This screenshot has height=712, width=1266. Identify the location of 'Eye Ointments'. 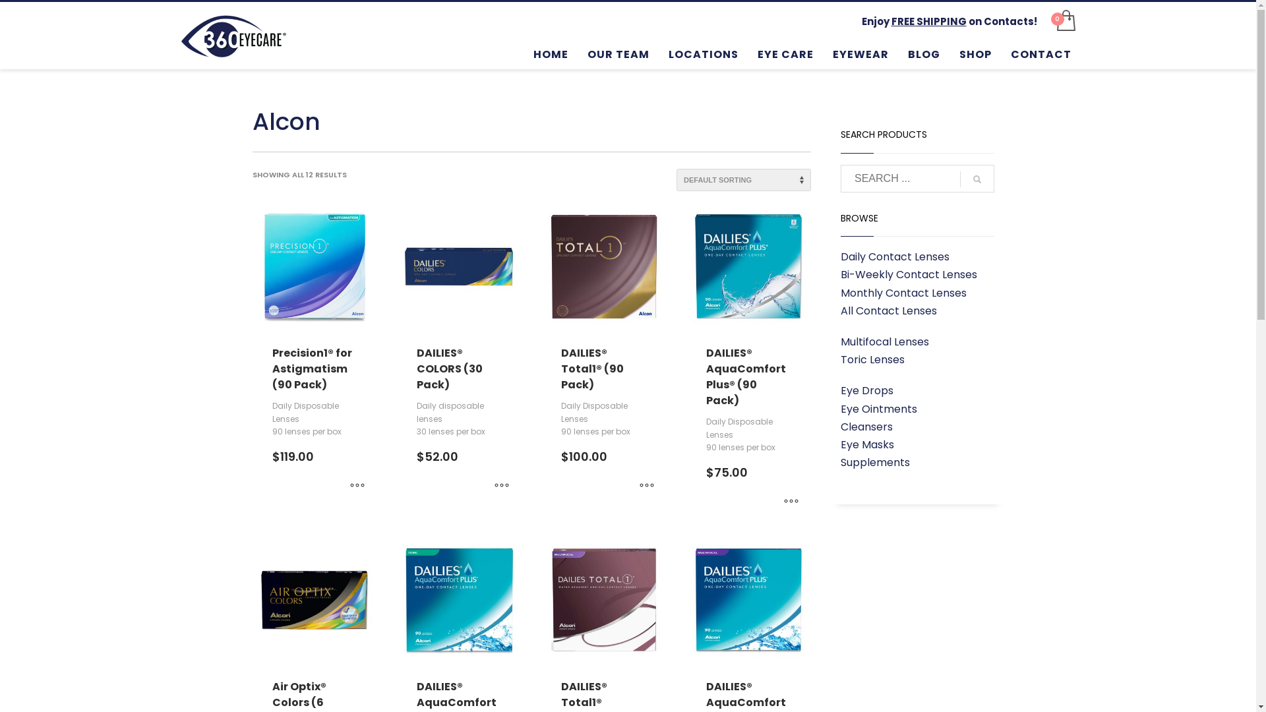
(840, 407).